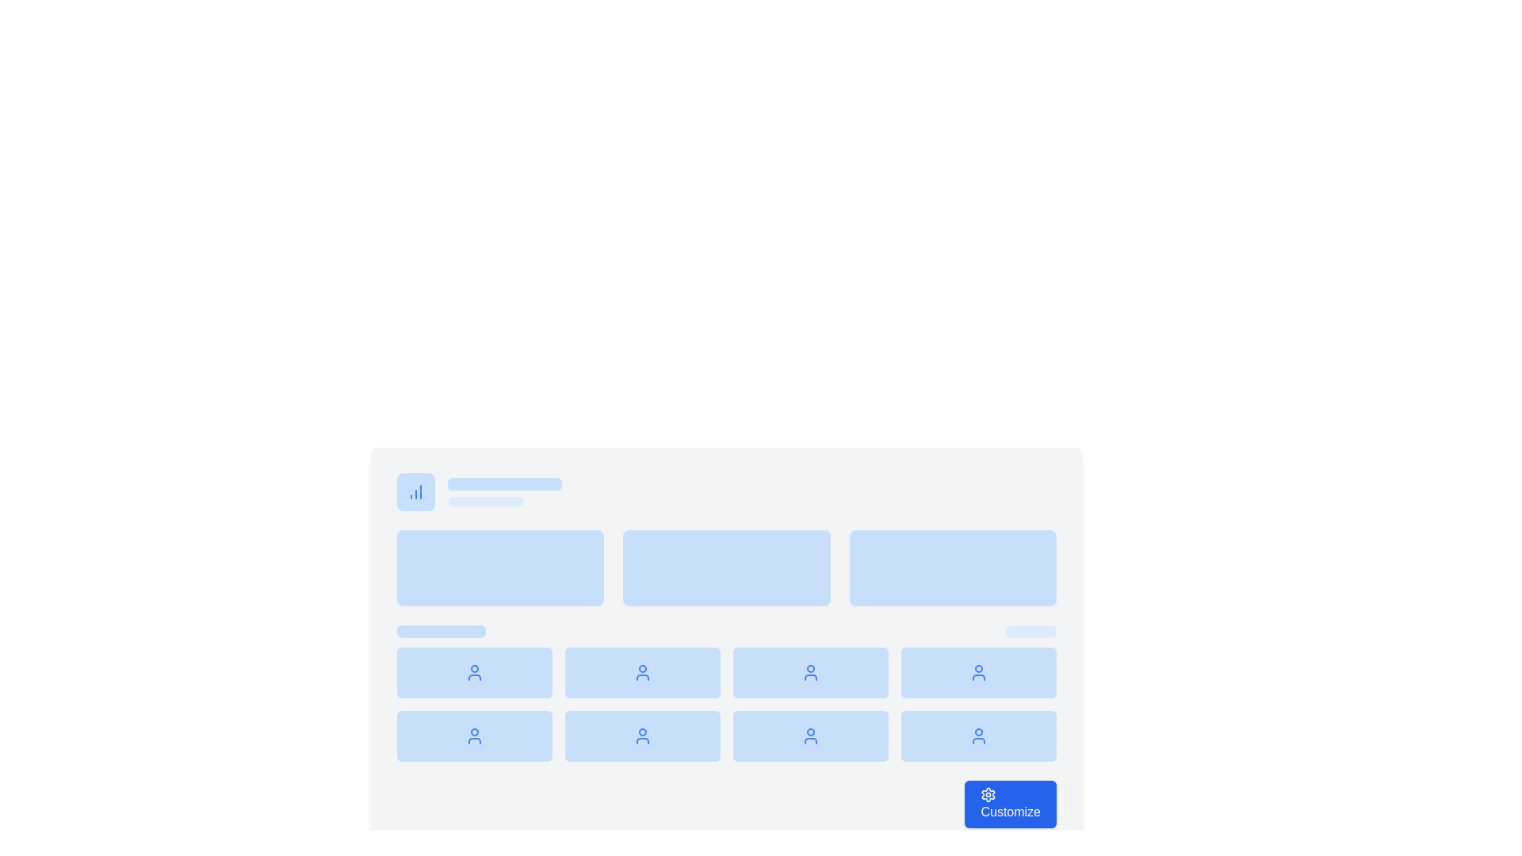 The width and height of the screenshot is (1522, 856). What do you see at coordinates (988, 794) in the screenshot?
I see `the settings SVG icon located to the left of the 'Customize' text inside the blue rectangular button at the bottom right corner of the interface` at bounding box center [988, 794].